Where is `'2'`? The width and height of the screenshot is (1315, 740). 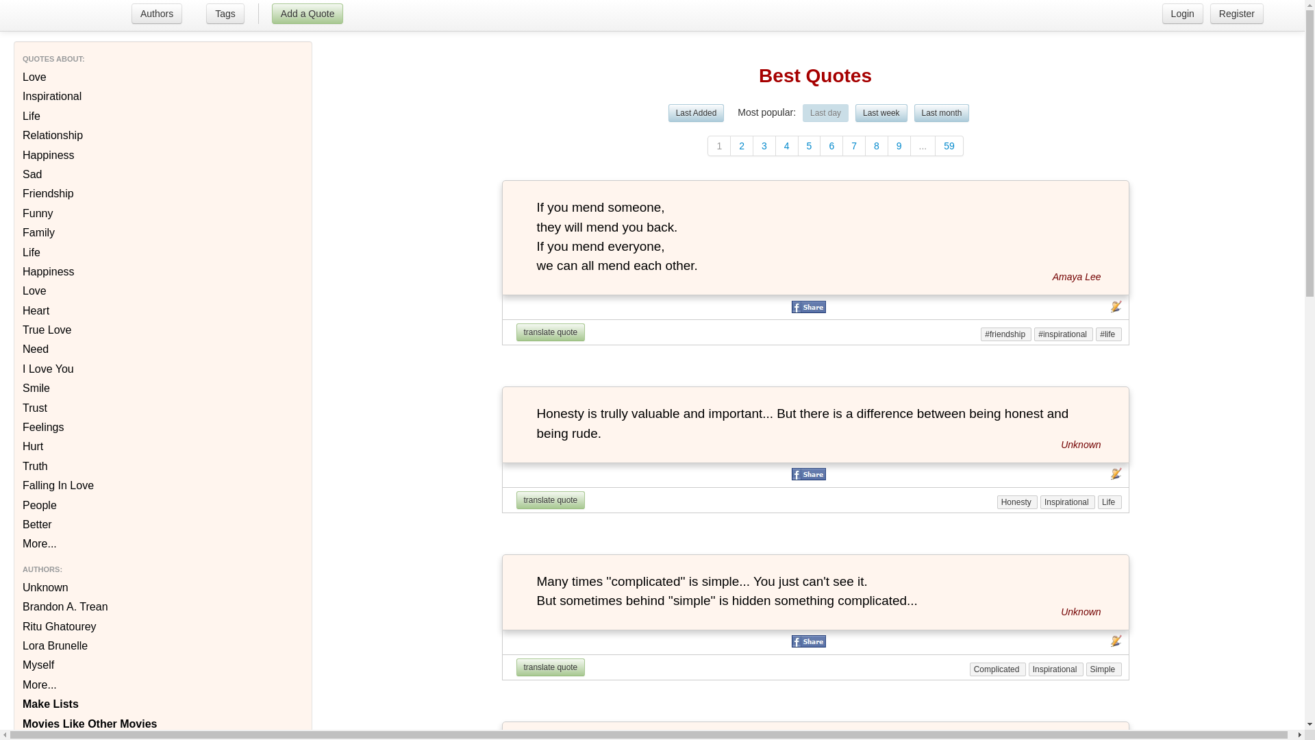 '2' is located at coordinates (729, 145).